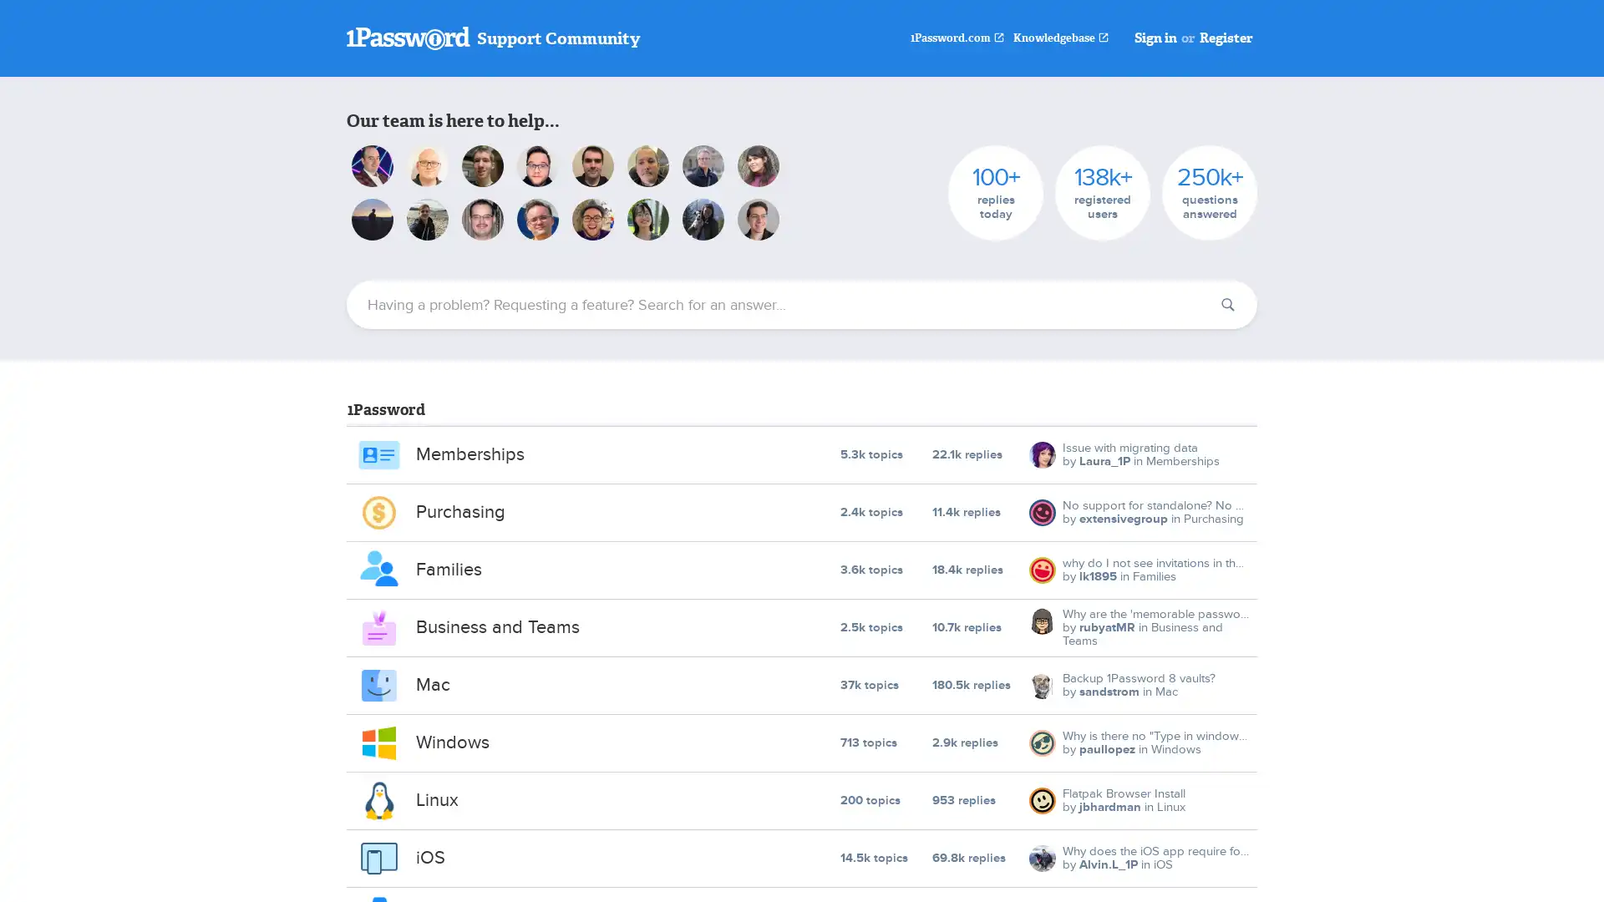 The image size is (1604, 902). I want to click on Go, so click(1227, 305).